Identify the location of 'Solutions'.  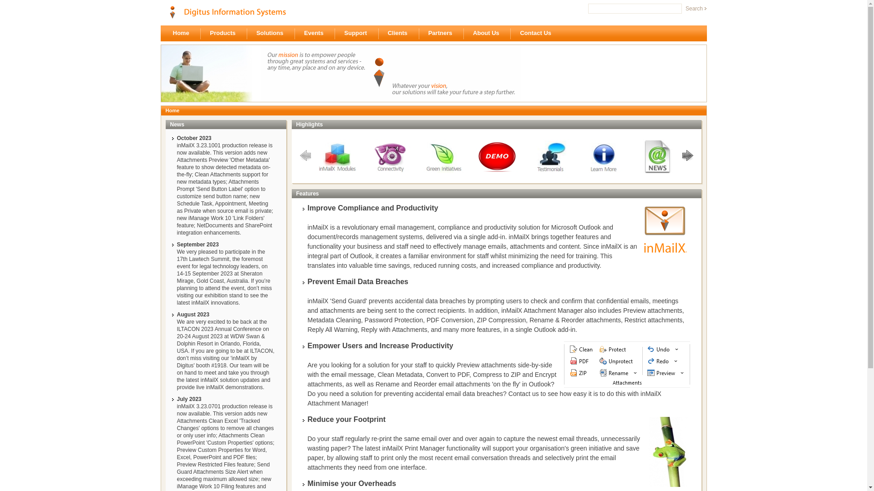
(272, 33).